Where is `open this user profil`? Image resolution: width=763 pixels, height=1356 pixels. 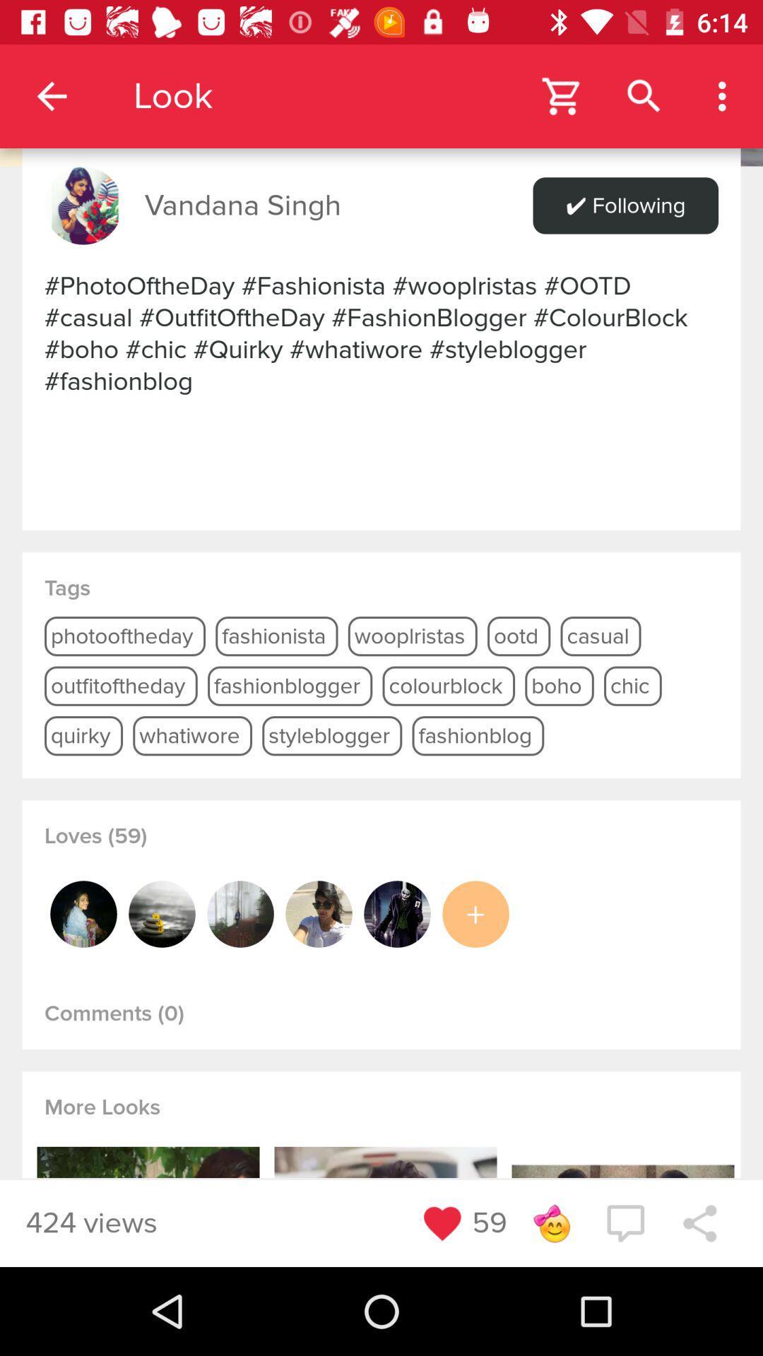
open this user profil is located at coordinates (397, 914).